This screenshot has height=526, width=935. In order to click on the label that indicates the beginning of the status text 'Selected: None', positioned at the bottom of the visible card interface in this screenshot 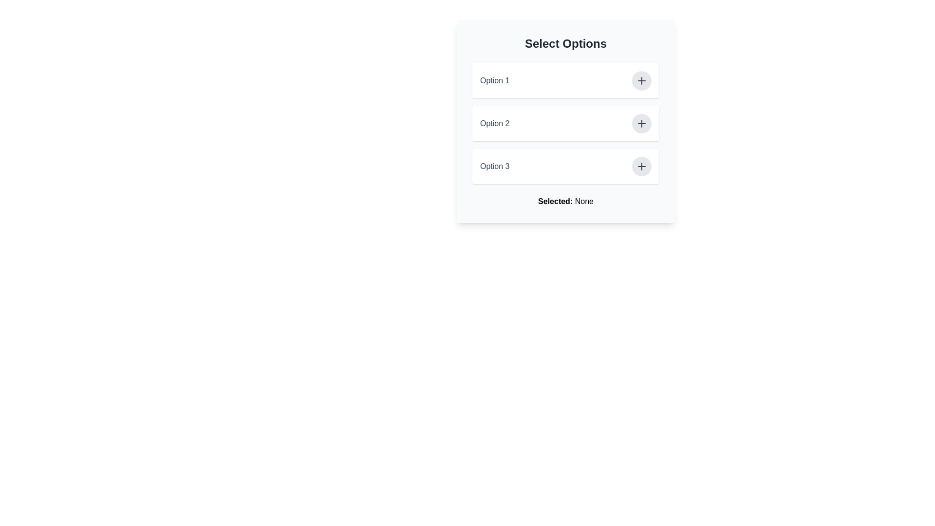, I will do `click(555, 201)`.